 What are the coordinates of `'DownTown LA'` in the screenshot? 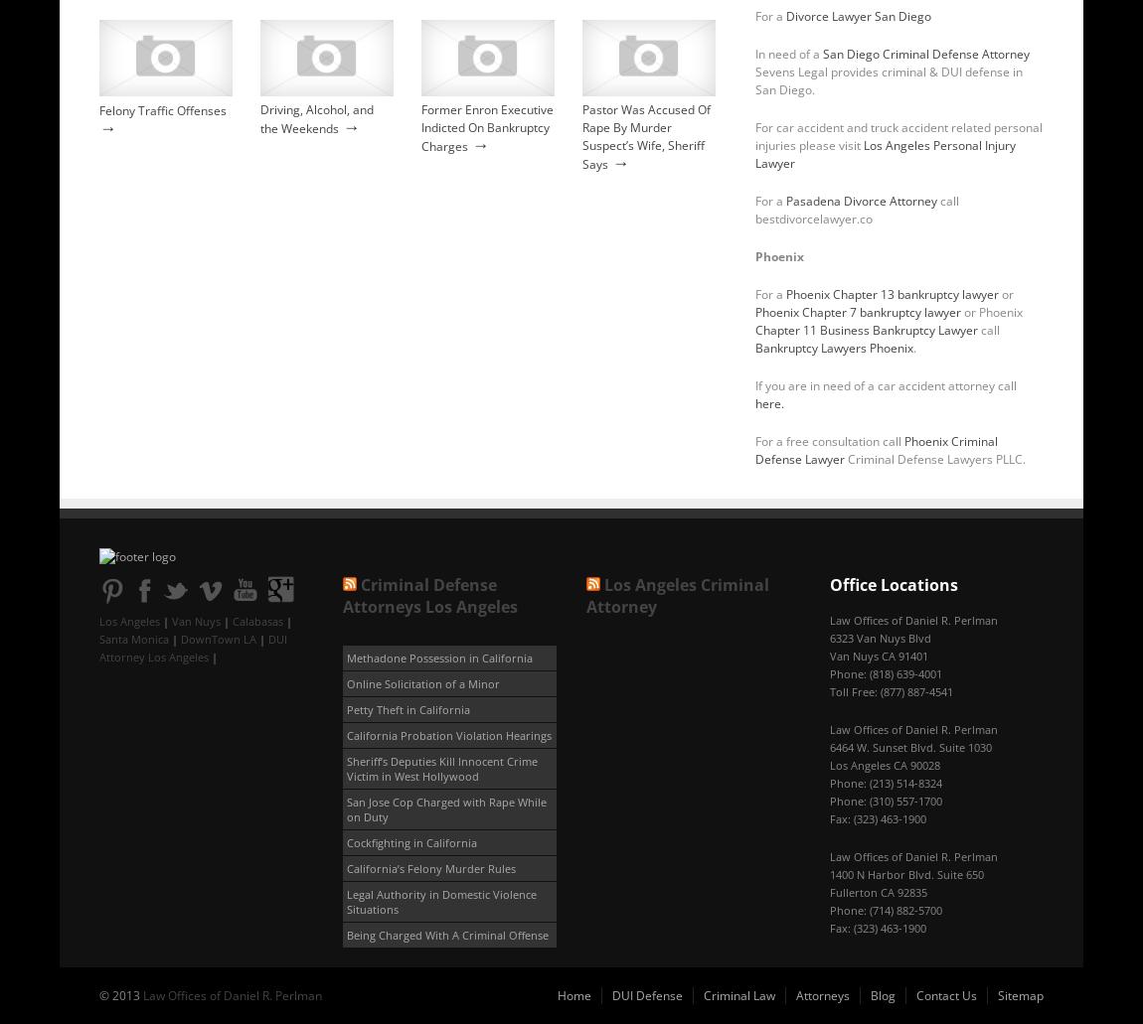 It's located at (217, 639).